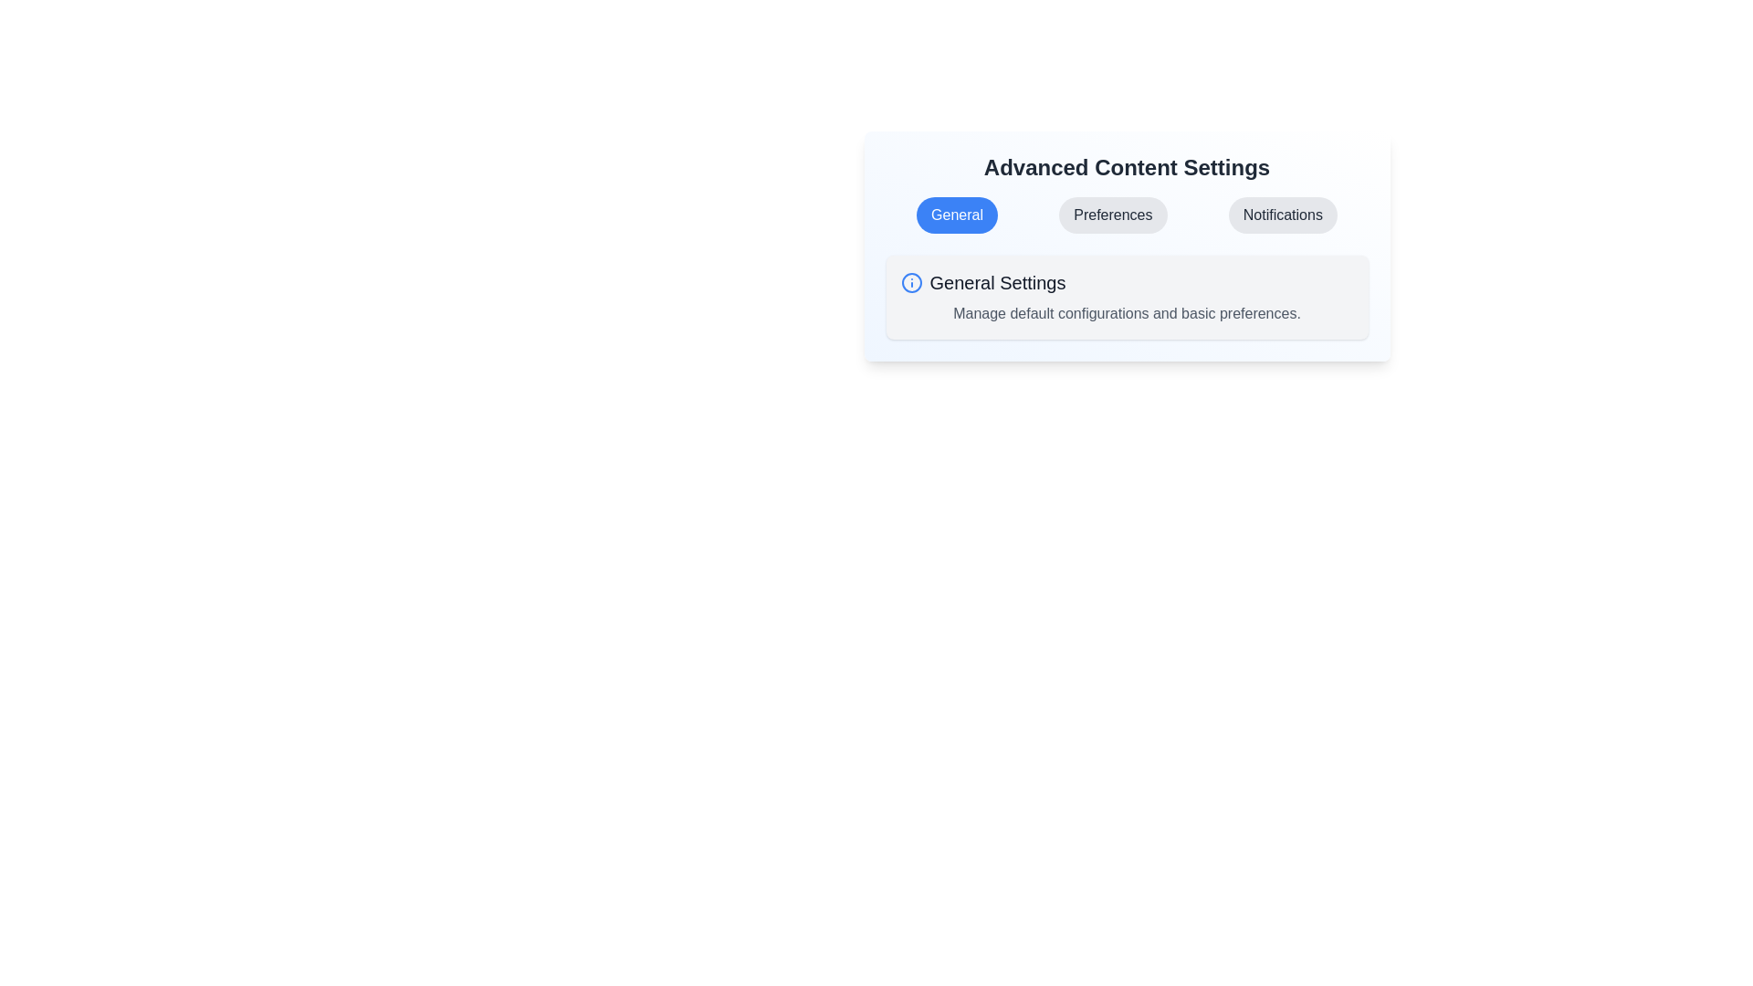 The width and height of the screenshot is (1753, 986). I want to click on the 'Preferences' button, which is styled with a gray background and rounded edges, so click(1112, 214).